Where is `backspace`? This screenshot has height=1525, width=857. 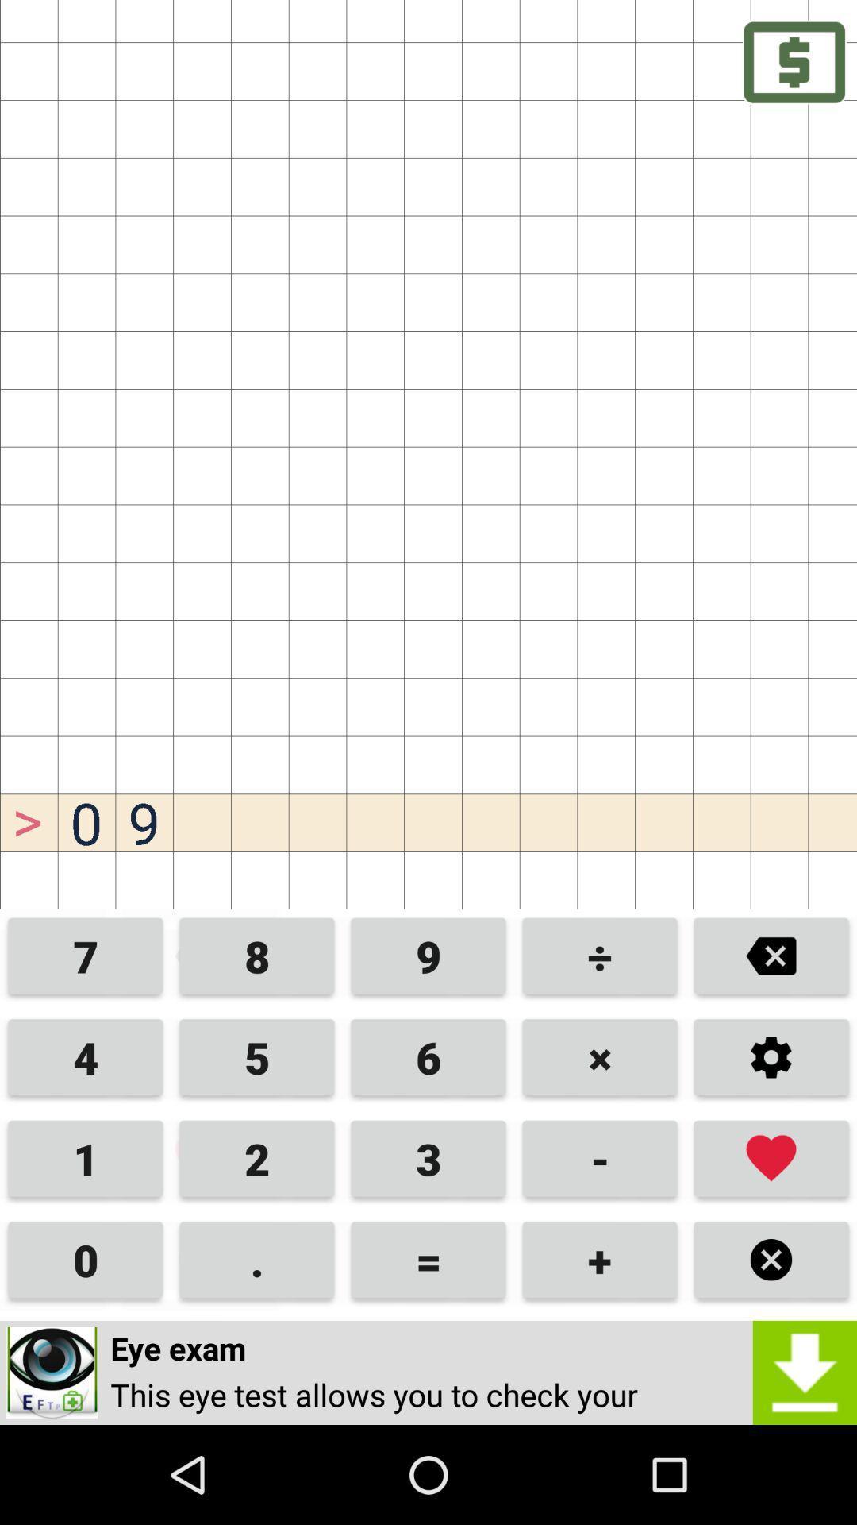 backspace is located at coordinates (771, 956).